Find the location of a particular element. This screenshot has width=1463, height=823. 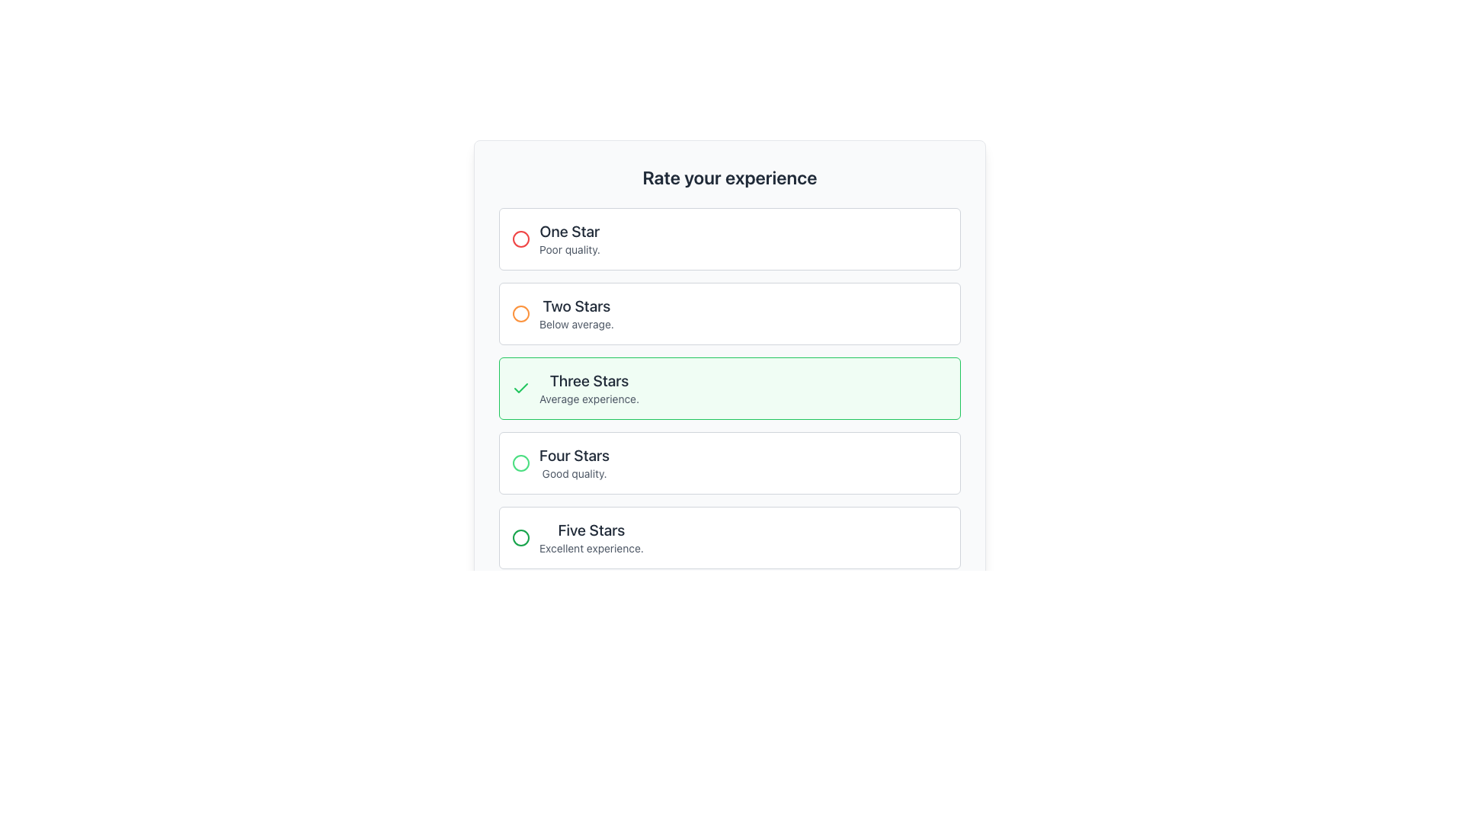

the 'Two Stars' rating button, which is the second element in a vertical list of five rating options is located at coordinates (729, 313).